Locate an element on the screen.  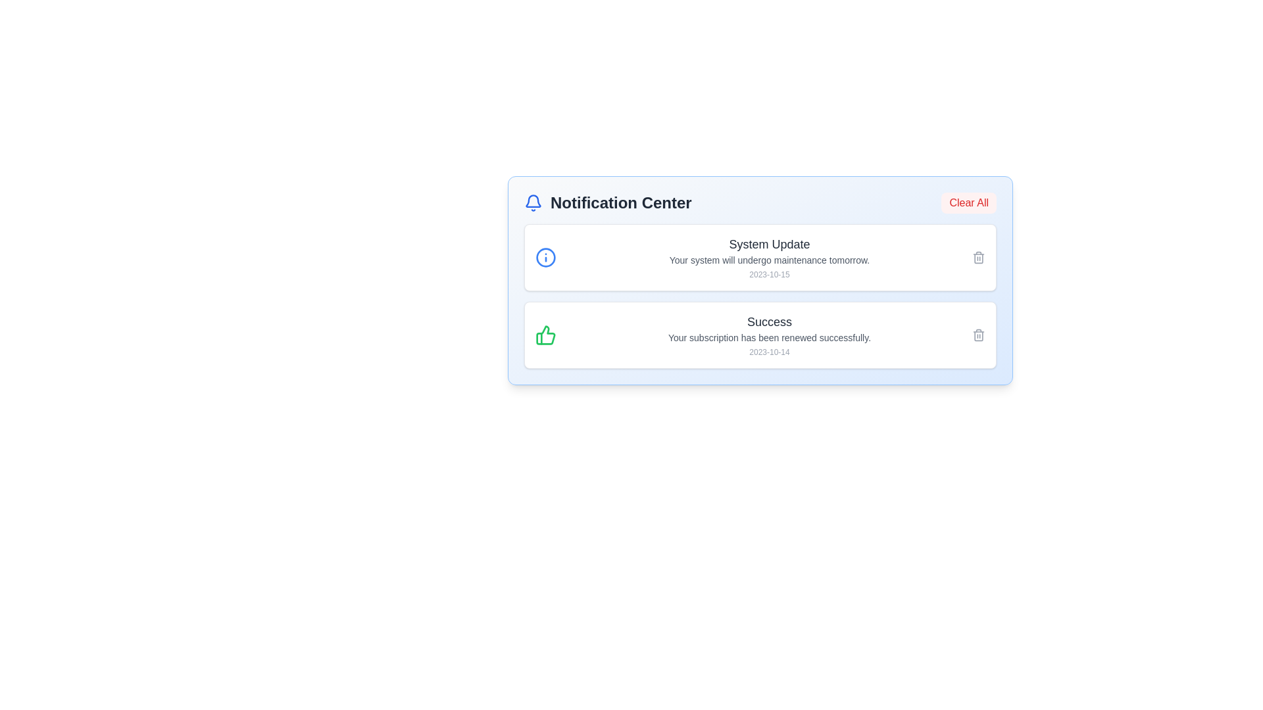
the 'Clear All' button located in the top-right corner of the Notification Center is located at coordinates (969, 202).